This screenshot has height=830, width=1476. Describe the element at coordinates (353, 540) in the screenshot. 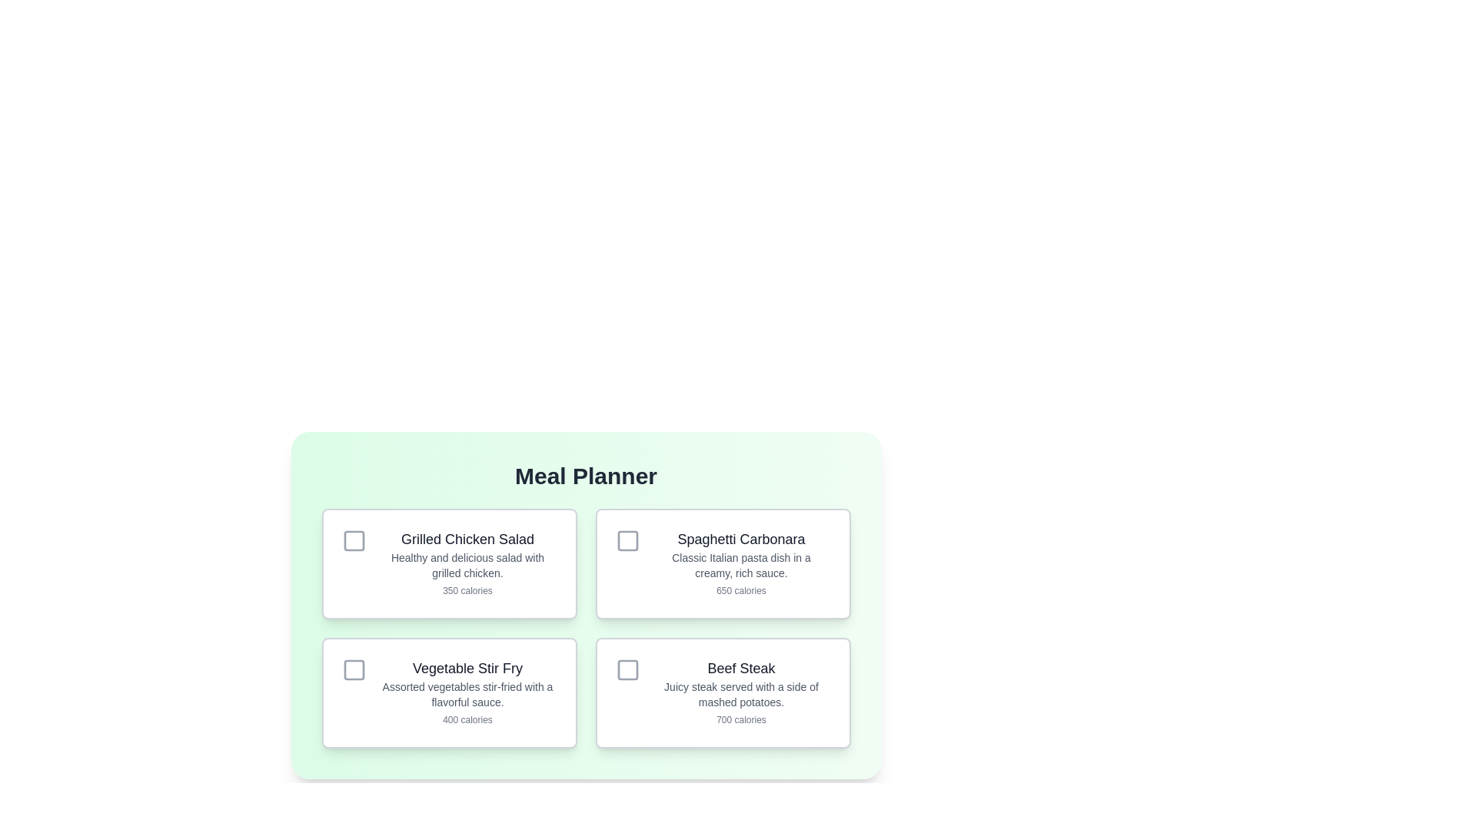

I see `the interactive checkbox component located in the top-left corner of the grid, adjacent to the text 'Grilled Chicken Salad'` at that location.